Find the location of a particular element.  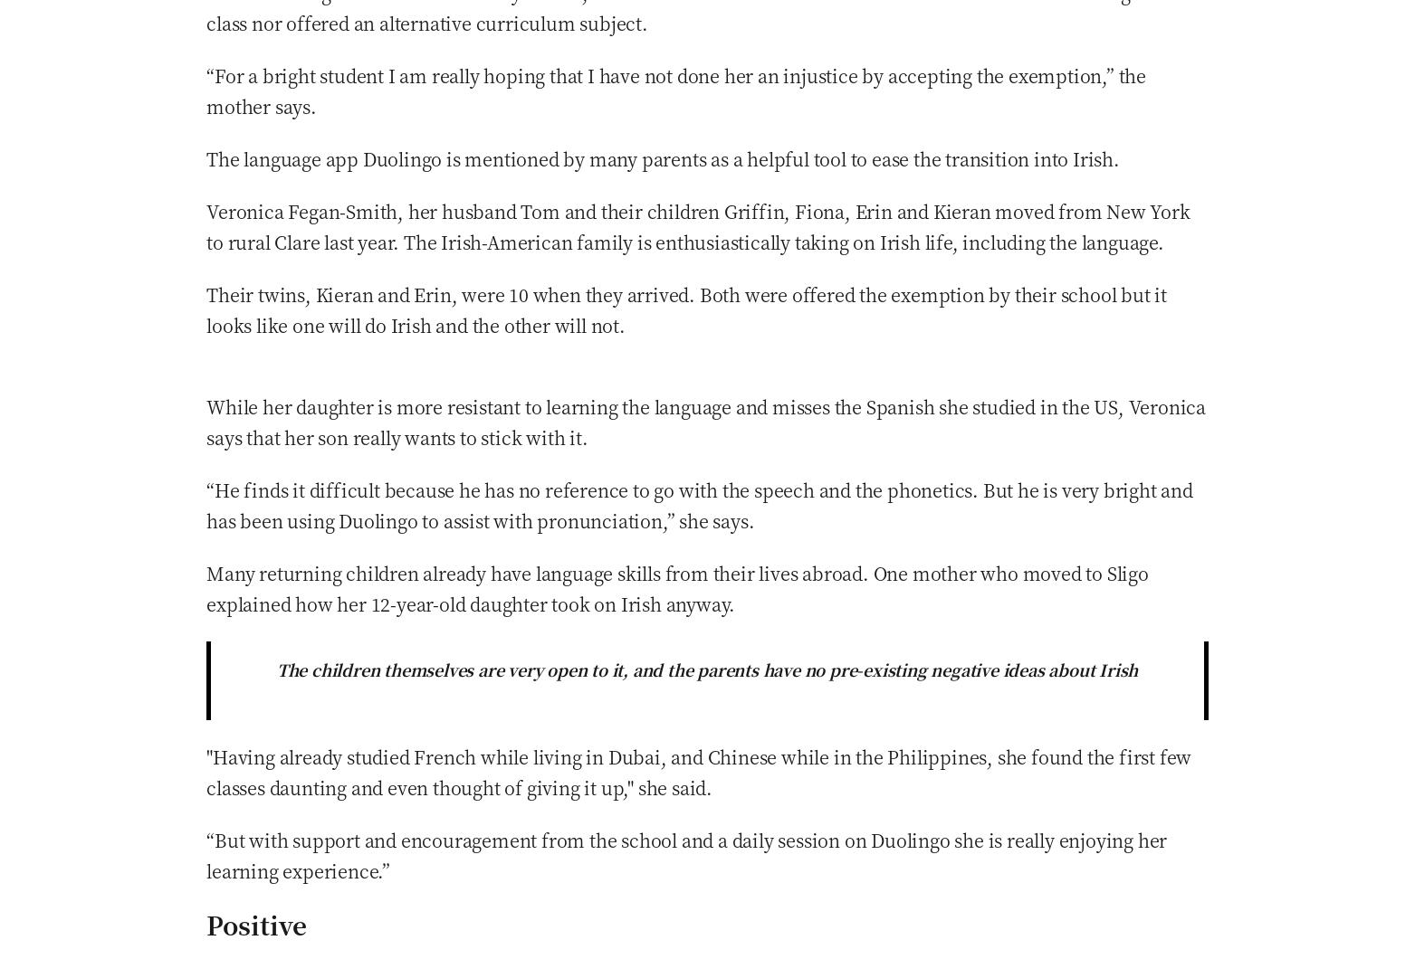

'“He finds it difficult because he has no reference to go with the speech and the phonetics. But he is very bright and has been using Duolingo to assist with pronunciation,” she says.' is located at coordinates (206, 504).